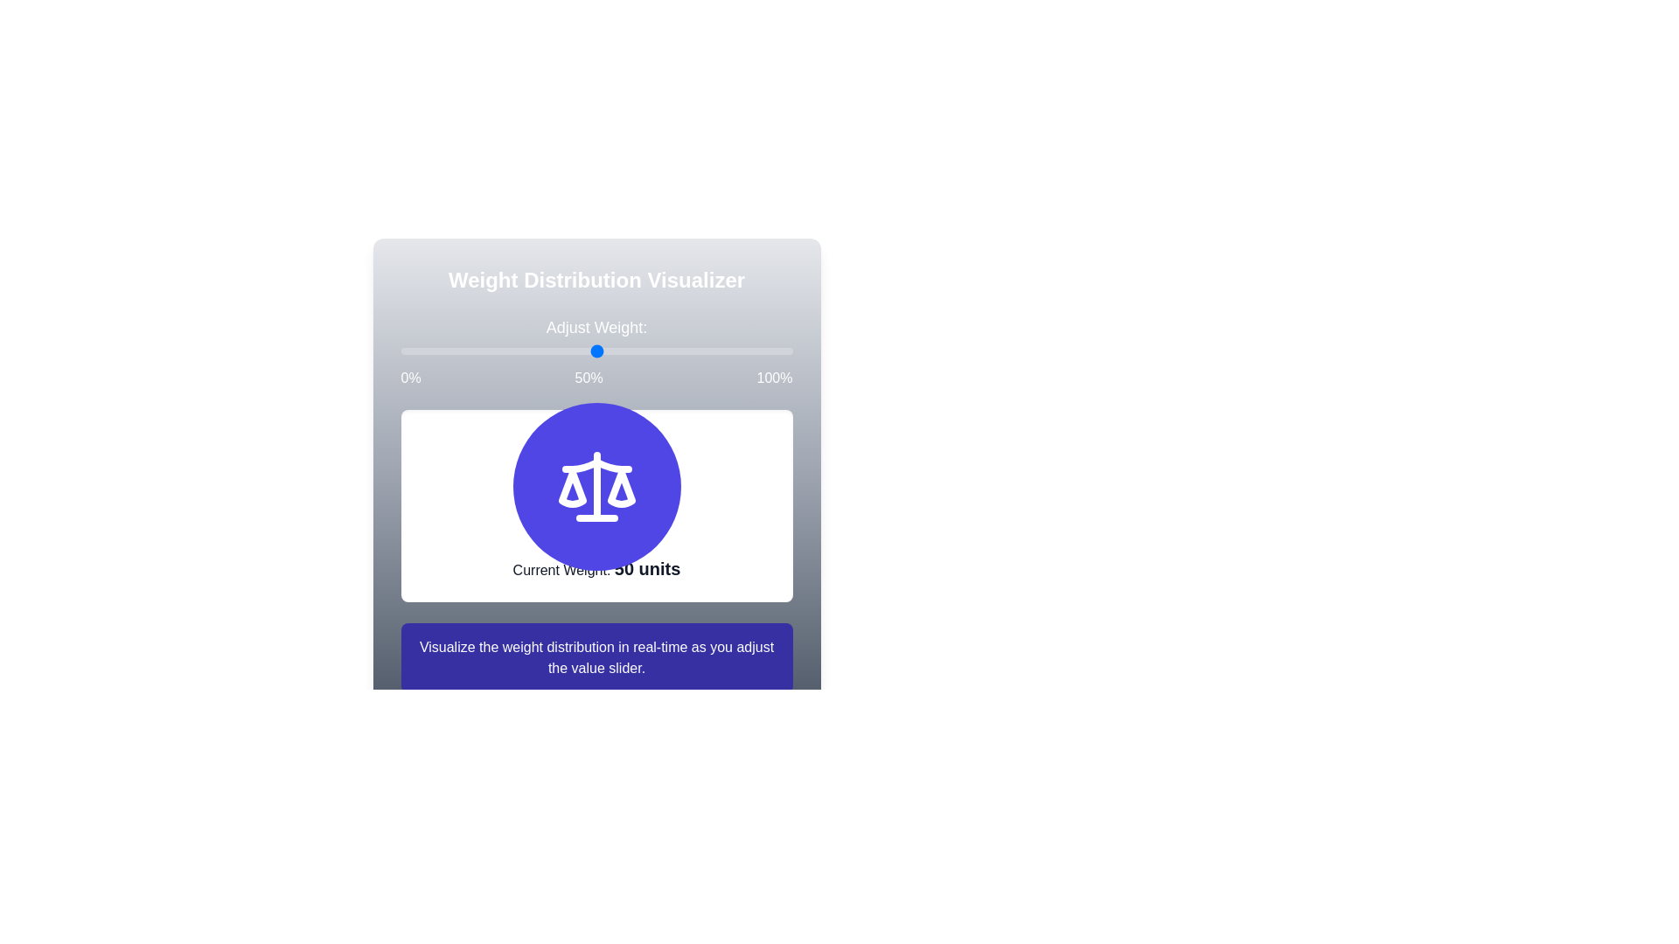 This screenshot has height=944, width=1679. What do you see at coordinates (646, 569) in the screenshot?
I see `the weight value text to highlight it` at bounding box center [646, 569].